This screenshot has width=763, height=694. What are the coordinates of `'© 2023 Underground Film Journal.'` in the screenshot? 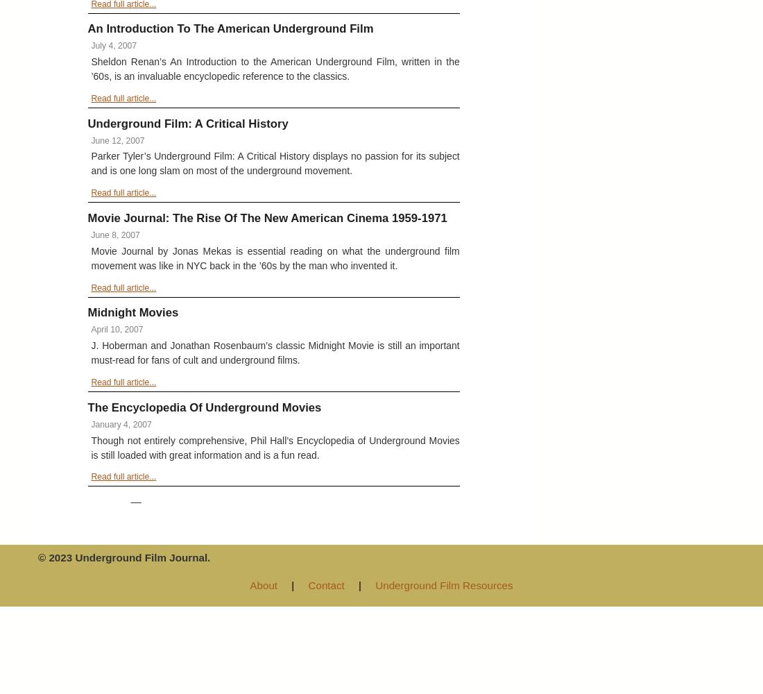 It's located at (123, 557).